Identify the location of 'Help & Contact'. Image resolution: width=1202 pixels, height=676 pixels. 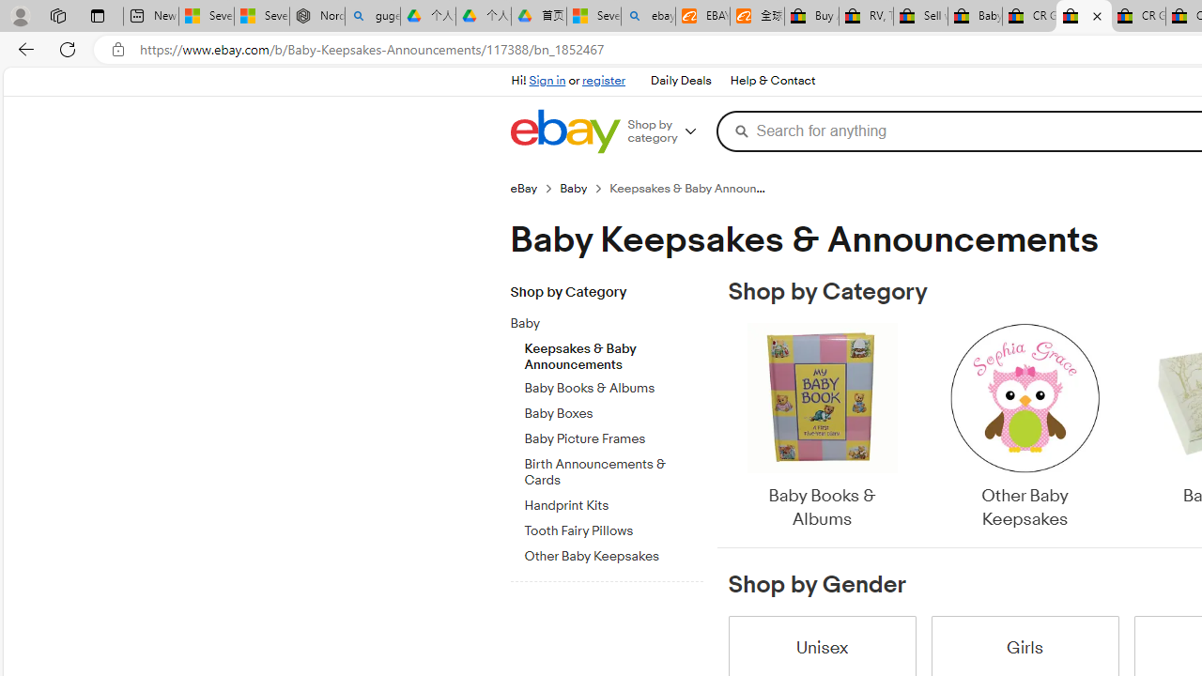
(771, 80).